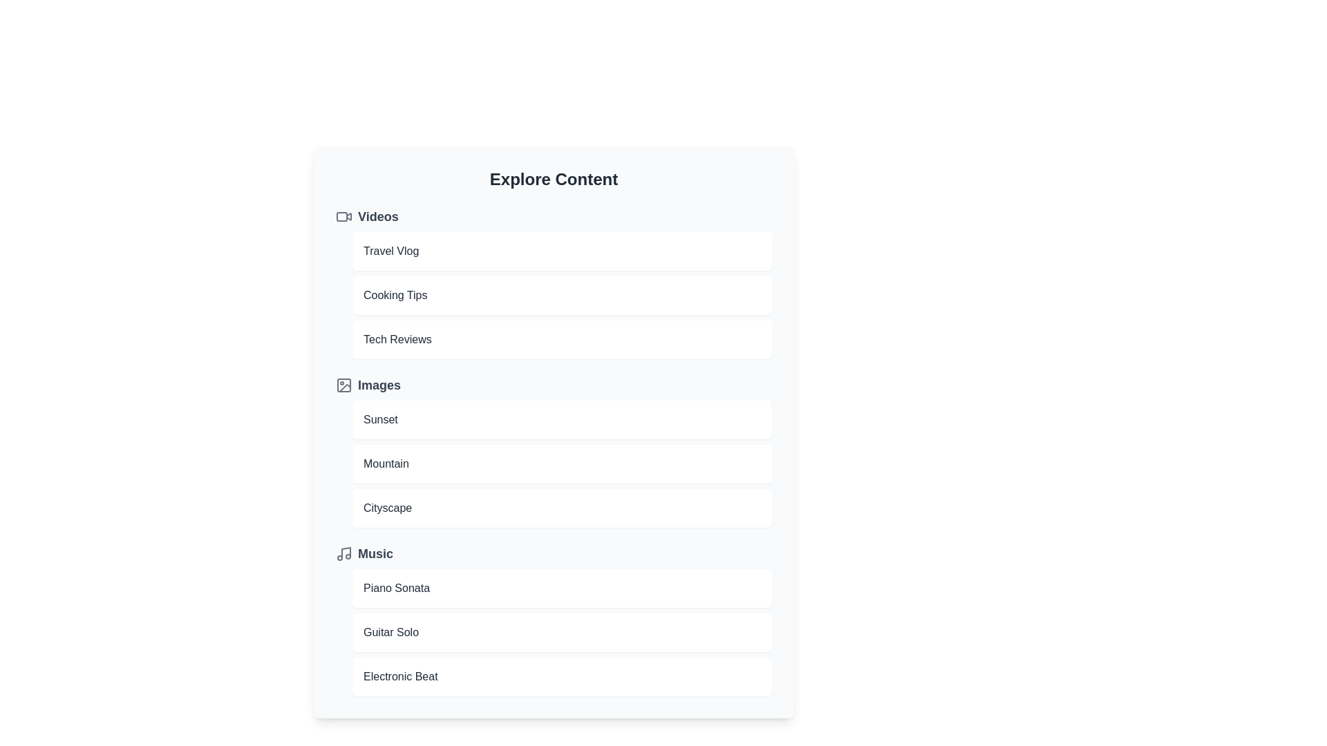 This screenshot has width=1327, height=746. I want to click on the item Tech Reviews to open it, so click(562, 340).